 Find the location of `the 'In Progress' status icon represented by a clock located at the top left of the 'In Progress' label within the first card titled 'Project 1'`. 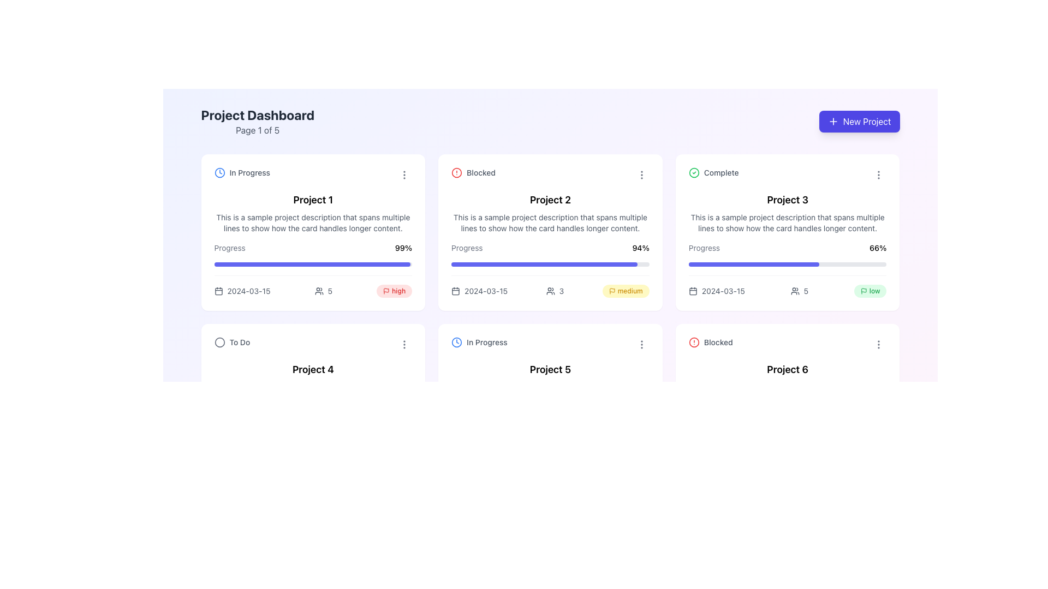

the 'In Progress' status icon represented by a clock located at the top left of the 'In Progress' label within the first card titled 'Project 1' is located at coordinates (219, 172).